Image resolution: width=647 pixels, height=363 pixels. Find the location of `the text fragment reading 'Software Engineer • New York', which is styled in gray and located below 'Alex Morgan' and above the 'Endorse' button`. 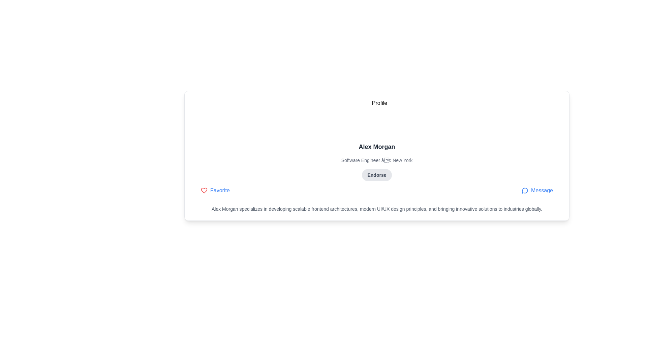

the text fragment reading 'Software Engineer • New York', which is styled in gray and located below 'Alex Morgan' and above the 'Endorse' button is located at coordinates (376, 160).